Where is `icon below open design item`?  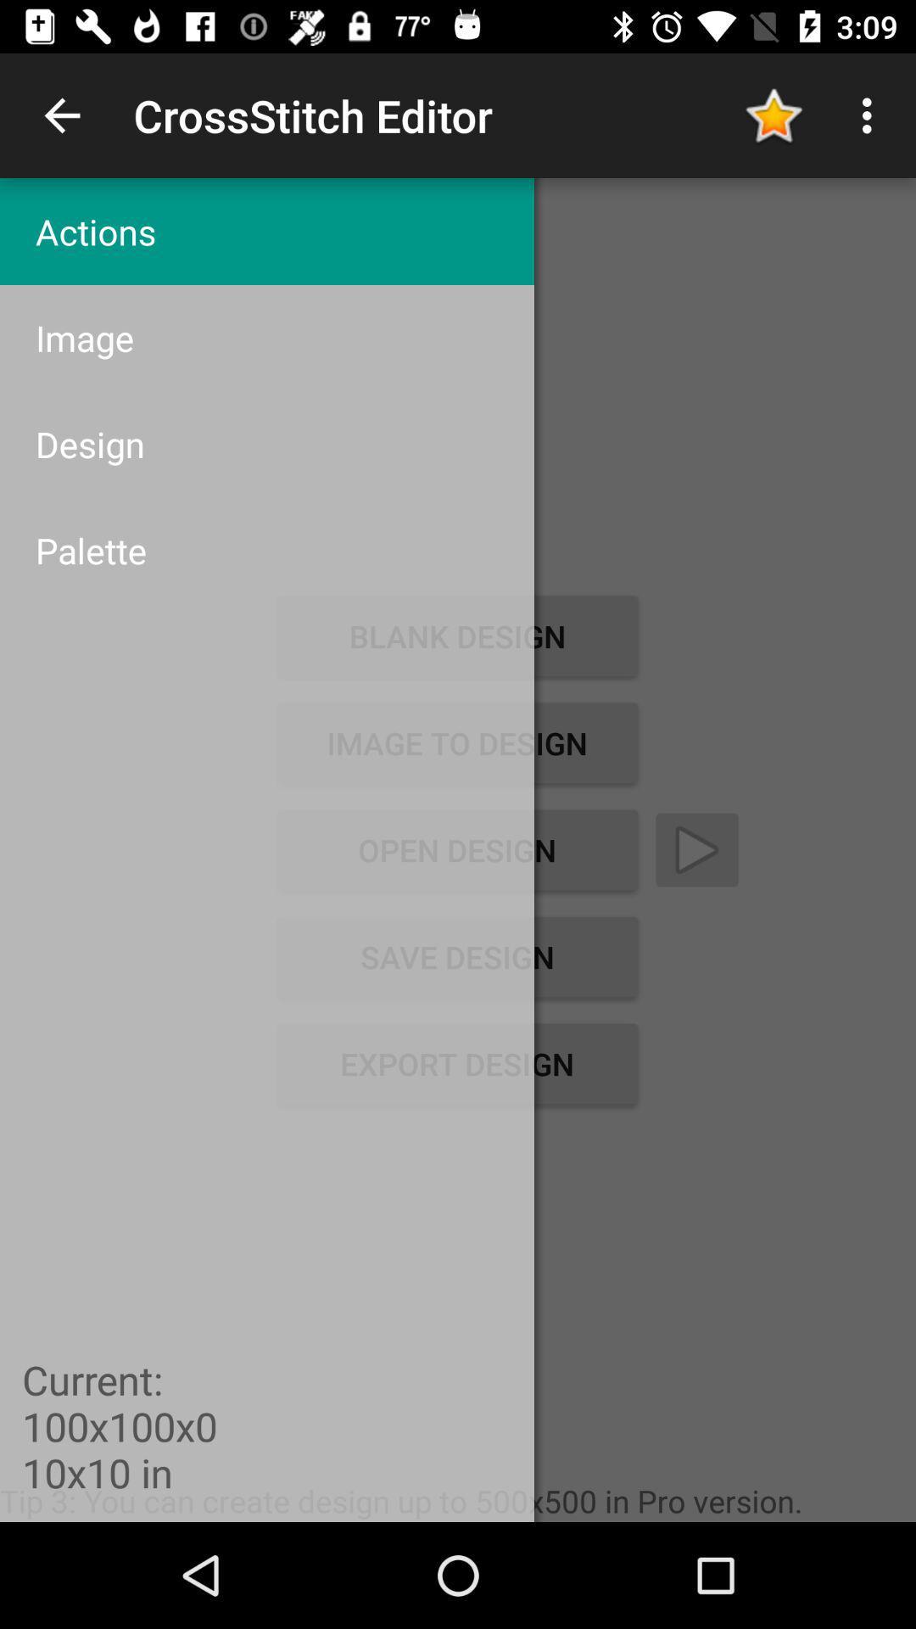 icon below open design item is located at coordinates (456, 957).